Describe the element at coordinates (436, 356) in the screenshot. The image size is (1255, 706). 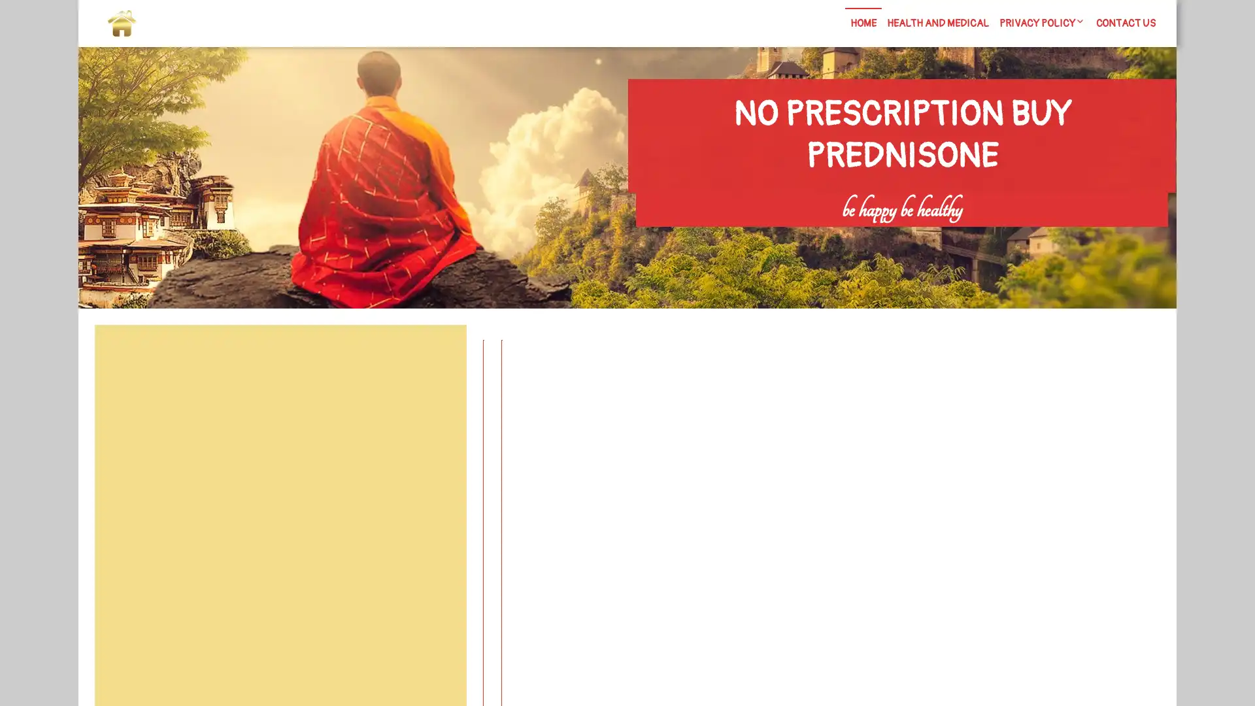
I see `Search` at that location.